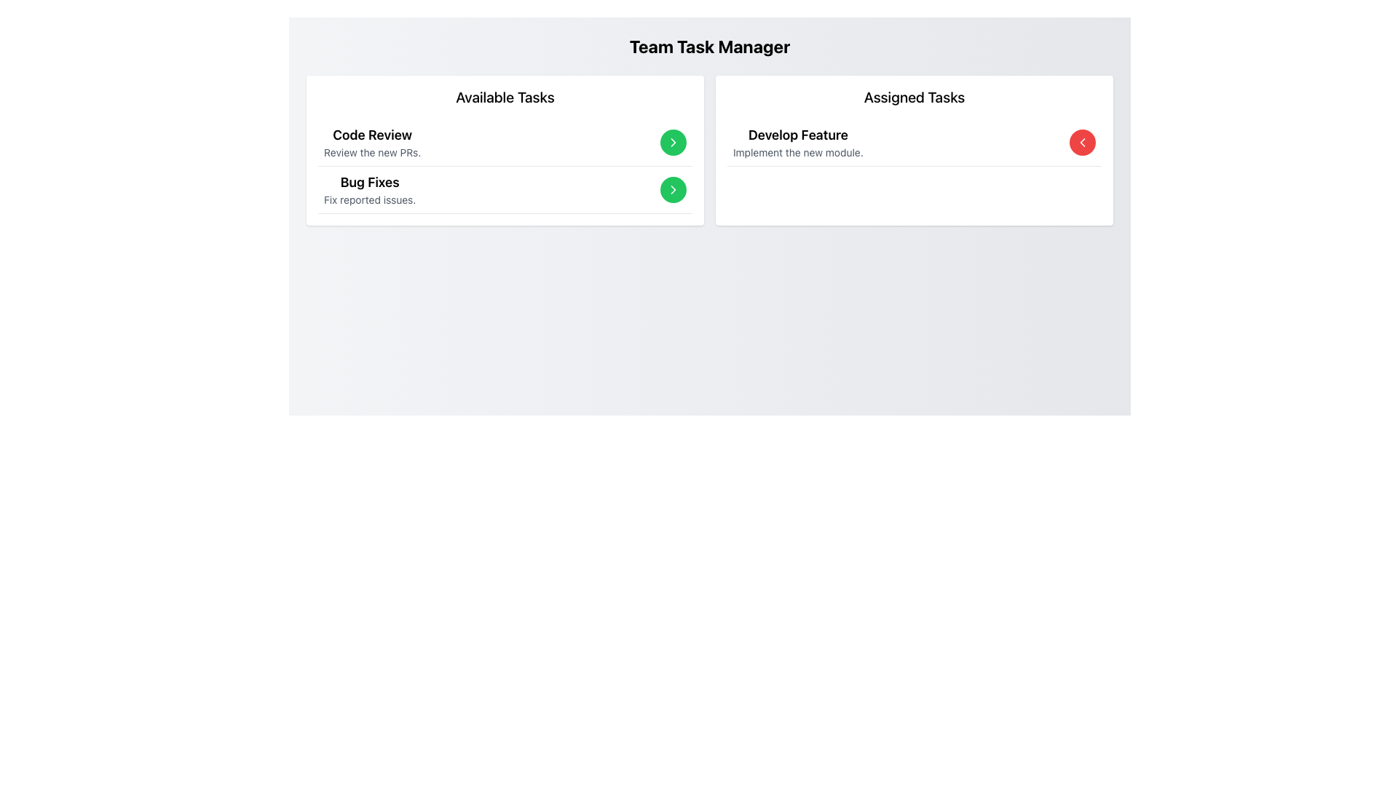  What do you see at coordinates (673, 189) in the screenshot?
I see `the second chevron button in the 'Available Tasks' section, located to the right of the 'Bug Fixes' list item` at bounding box center [673, 189].